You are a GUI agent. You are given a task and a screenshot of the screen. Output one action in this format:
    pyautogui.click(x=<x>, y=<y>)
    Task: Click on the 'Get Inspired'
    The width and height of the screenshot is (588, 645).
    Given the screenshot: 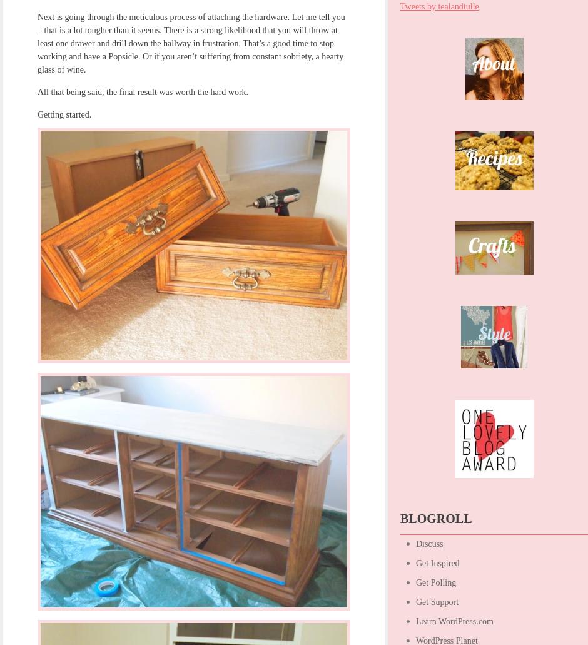 What is the action you would take?
    pyautogui.click(x=437, y=563)
    